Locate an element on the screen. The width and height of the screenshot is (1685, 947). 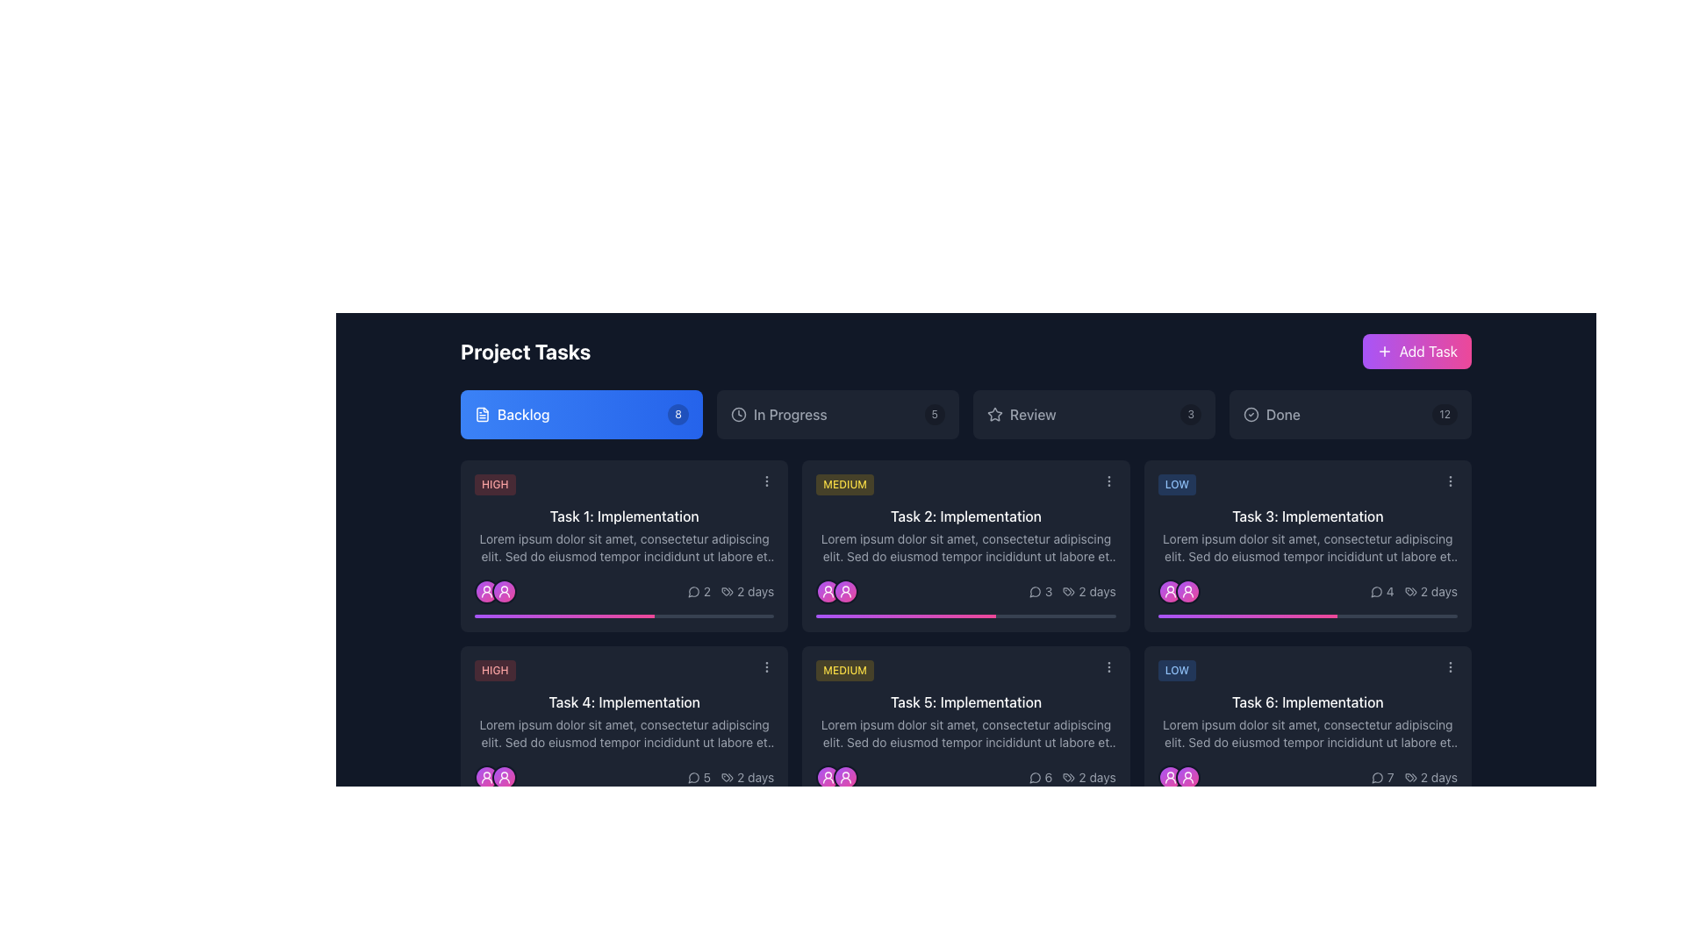
text label 'Review' located in the top right section of the navigation menu, which has a medium font weight and gray color against a dark background is located at coordinates (1033, 415).